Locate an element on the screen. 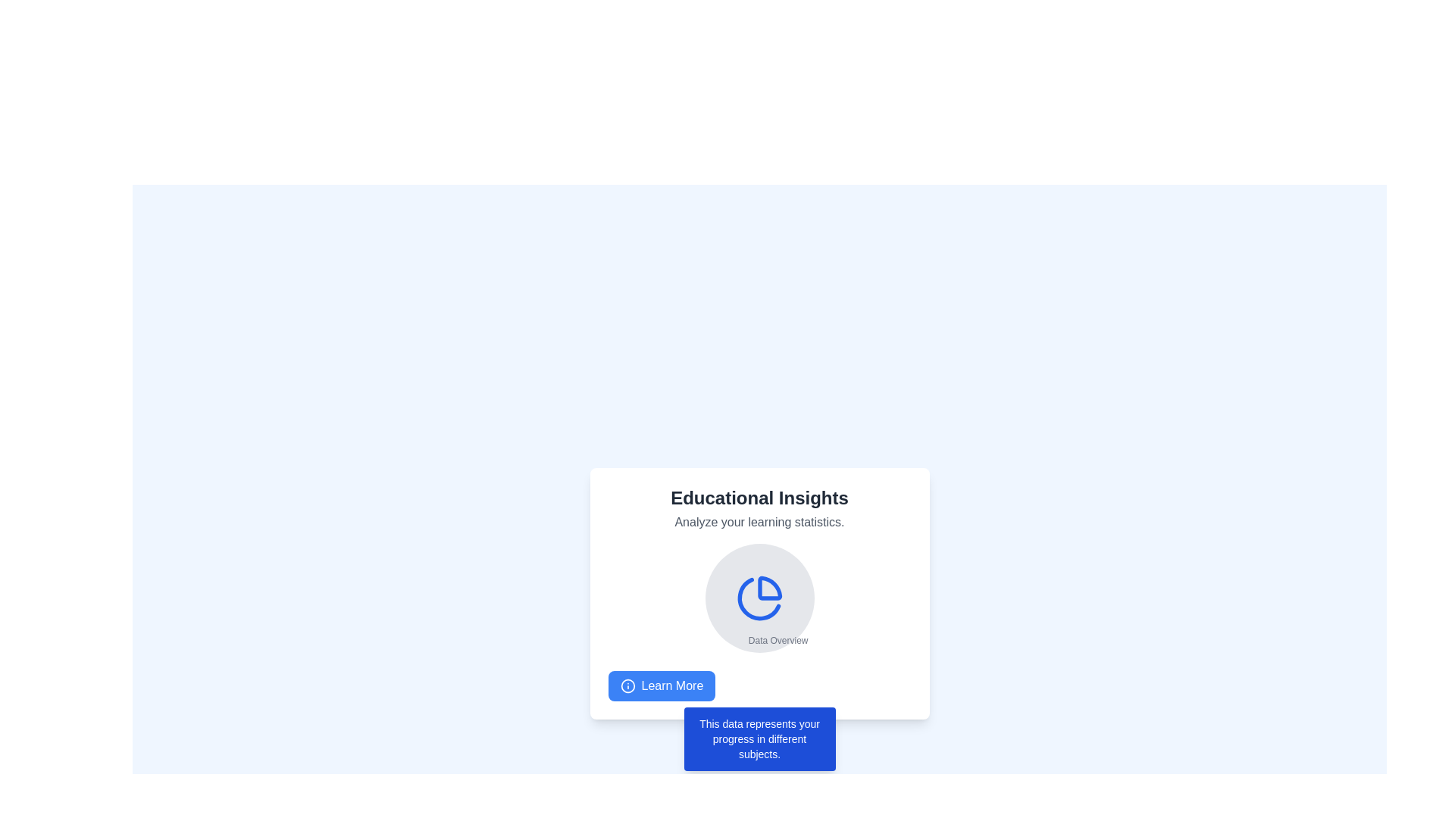 The width and height of the screenshot is (1455, 818). the blue rectangular Informational Tooltip containing the text 'This data represents your progress in different subjects.' which is located below the 'Educational Insights' card and the 'Learn More' button is located at coordinates (759, 738).